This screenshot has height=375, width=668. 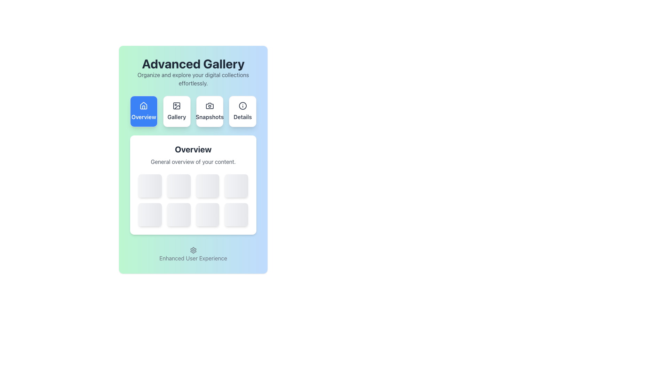 I want to click on the visual card in the grid layout of the 'Overview' section, which is located in the second row, second column, so click(x=179, y=214).